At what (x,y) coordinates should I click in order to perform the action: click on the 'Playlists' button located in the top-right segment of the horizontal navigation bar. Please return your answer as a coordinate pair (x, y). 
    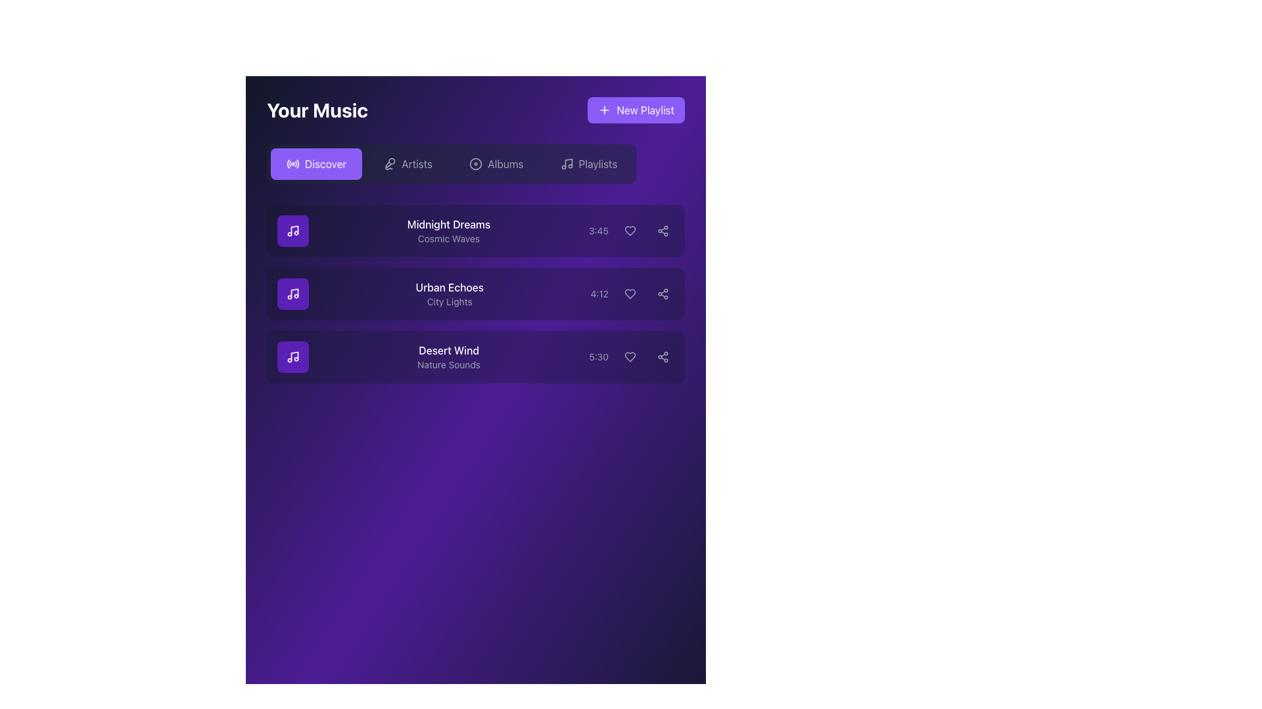
    Looking at the image, I should click on (588, 163).